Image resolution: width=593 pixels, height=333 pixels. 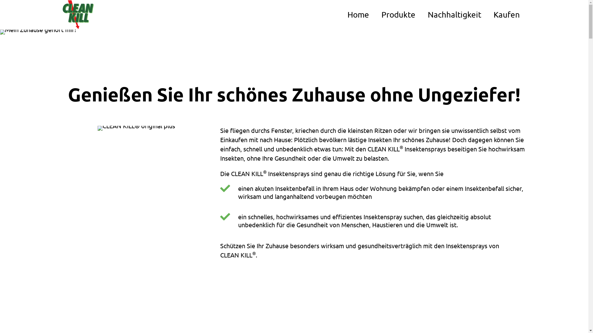 I want to click on 'Home', so click(x=358, y=14).